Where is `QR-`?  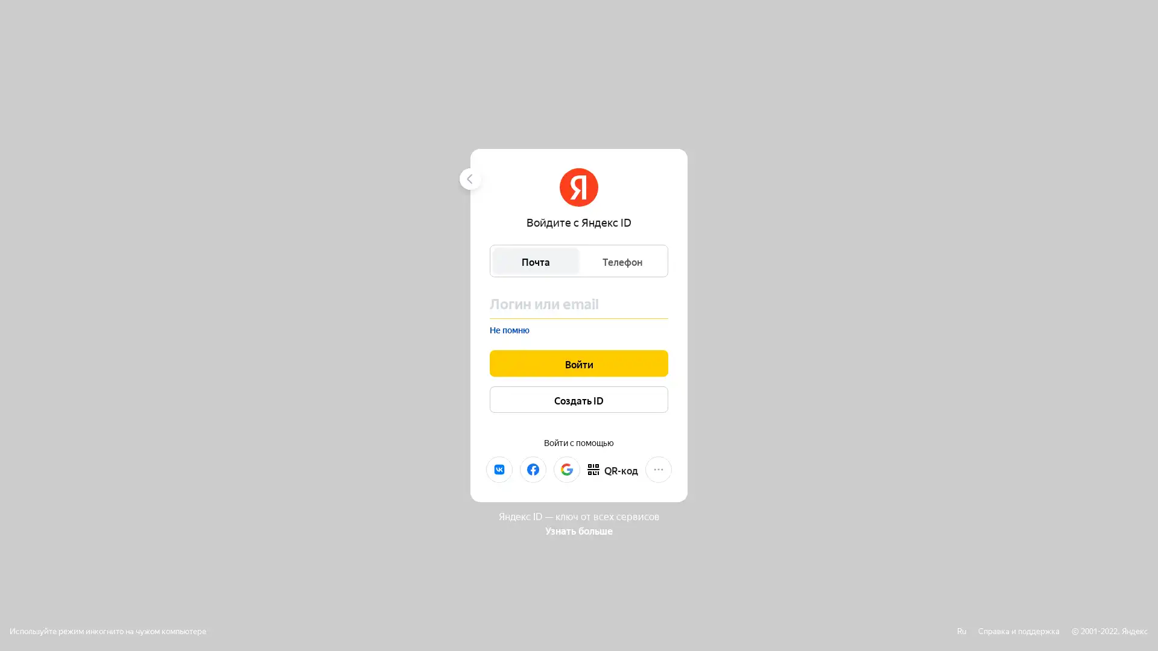
QR- is located at coordinates (613, 468).